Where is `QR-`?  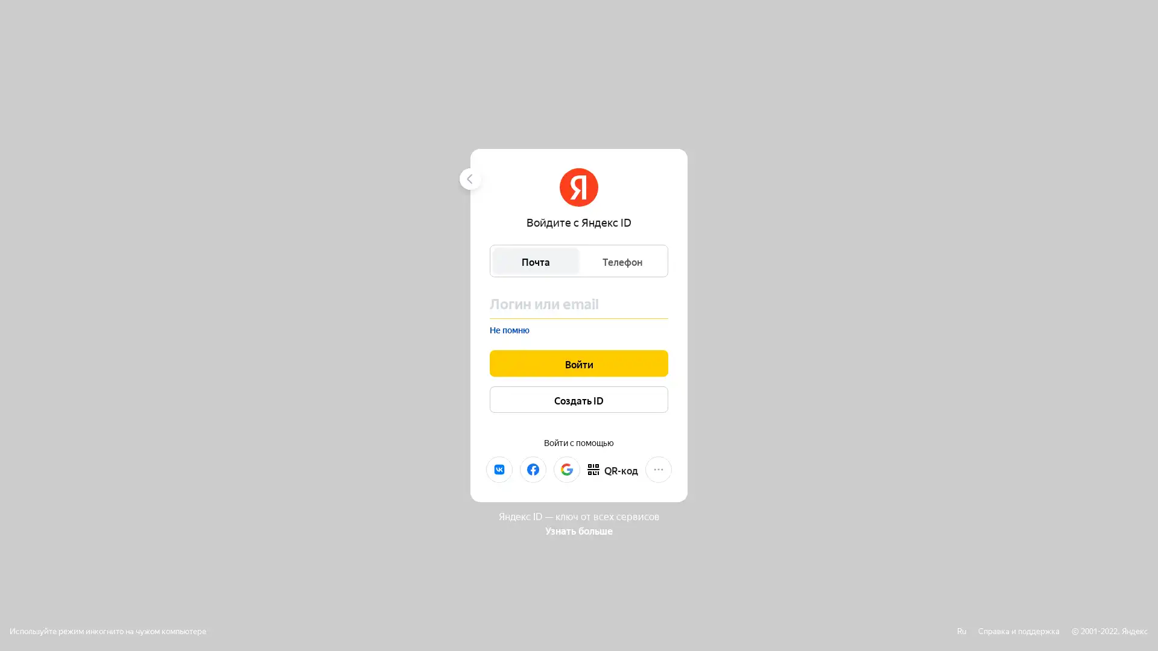
QR- is located at coordinates (613, 468).